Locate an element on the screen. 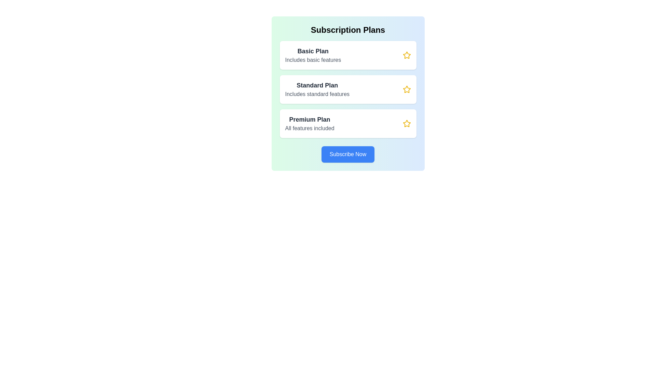 Image resolution: width=656 pixels, height=369 pixels. 'Subscribe Now' button is located at coordinates (348, 154).